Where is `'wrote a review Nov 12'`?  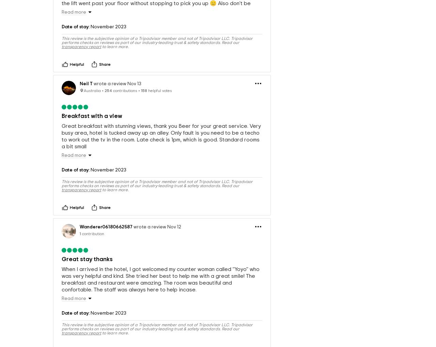
'wrote a review Nov 12' is located at coordinates (156, 245).